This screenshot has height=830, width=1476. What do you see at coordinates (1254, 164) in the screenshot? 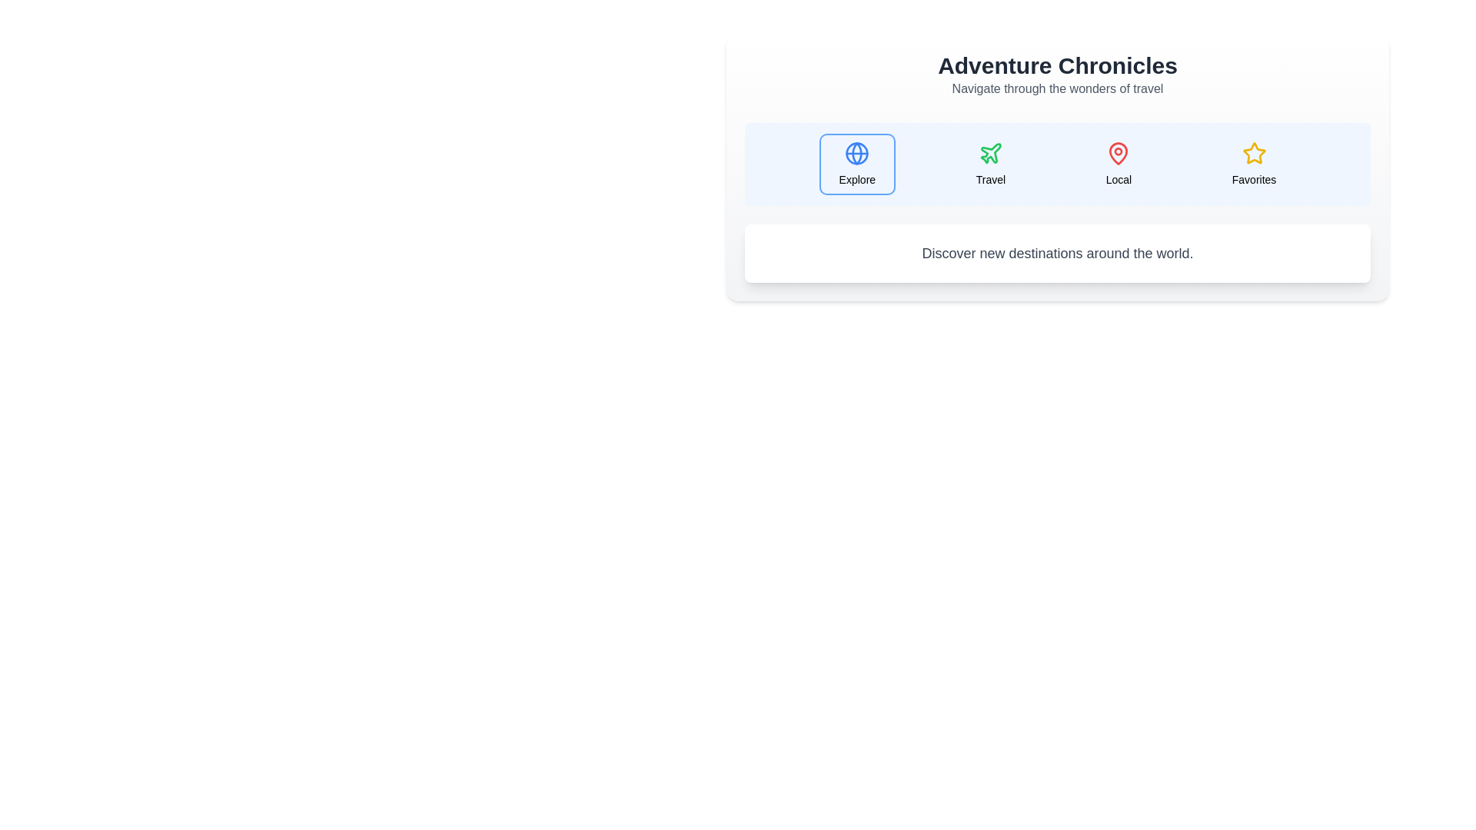
I see `the tab labeled Favorites to switch the displayed content` at bounding box center [1254, 164].